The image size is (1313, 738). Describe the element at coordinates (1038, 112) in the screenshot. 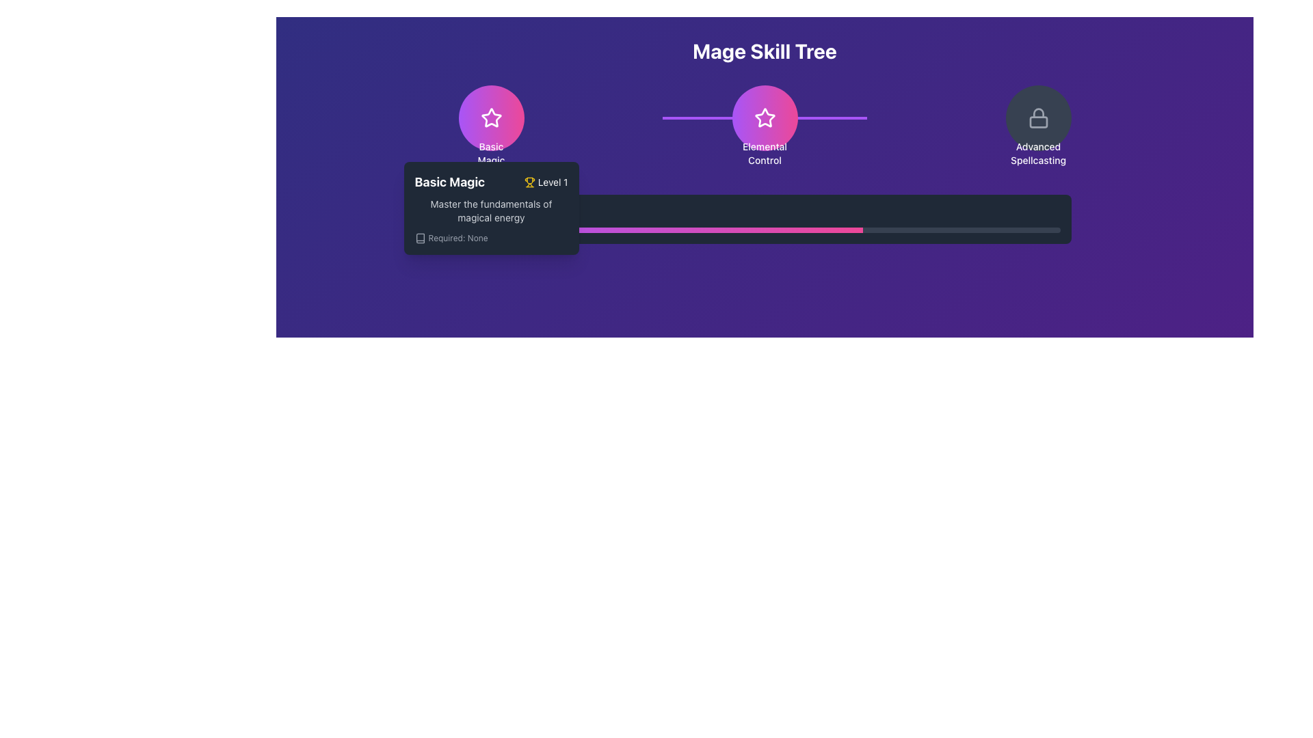

I see `the curved shackle component of the lock icon located at the upper center-right part of the interface, which is positioned over a purple background` at that location.